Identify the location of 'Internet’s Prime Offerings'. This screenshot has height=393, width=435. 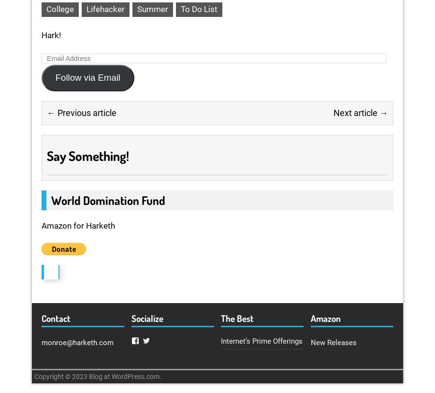
(261, 341).